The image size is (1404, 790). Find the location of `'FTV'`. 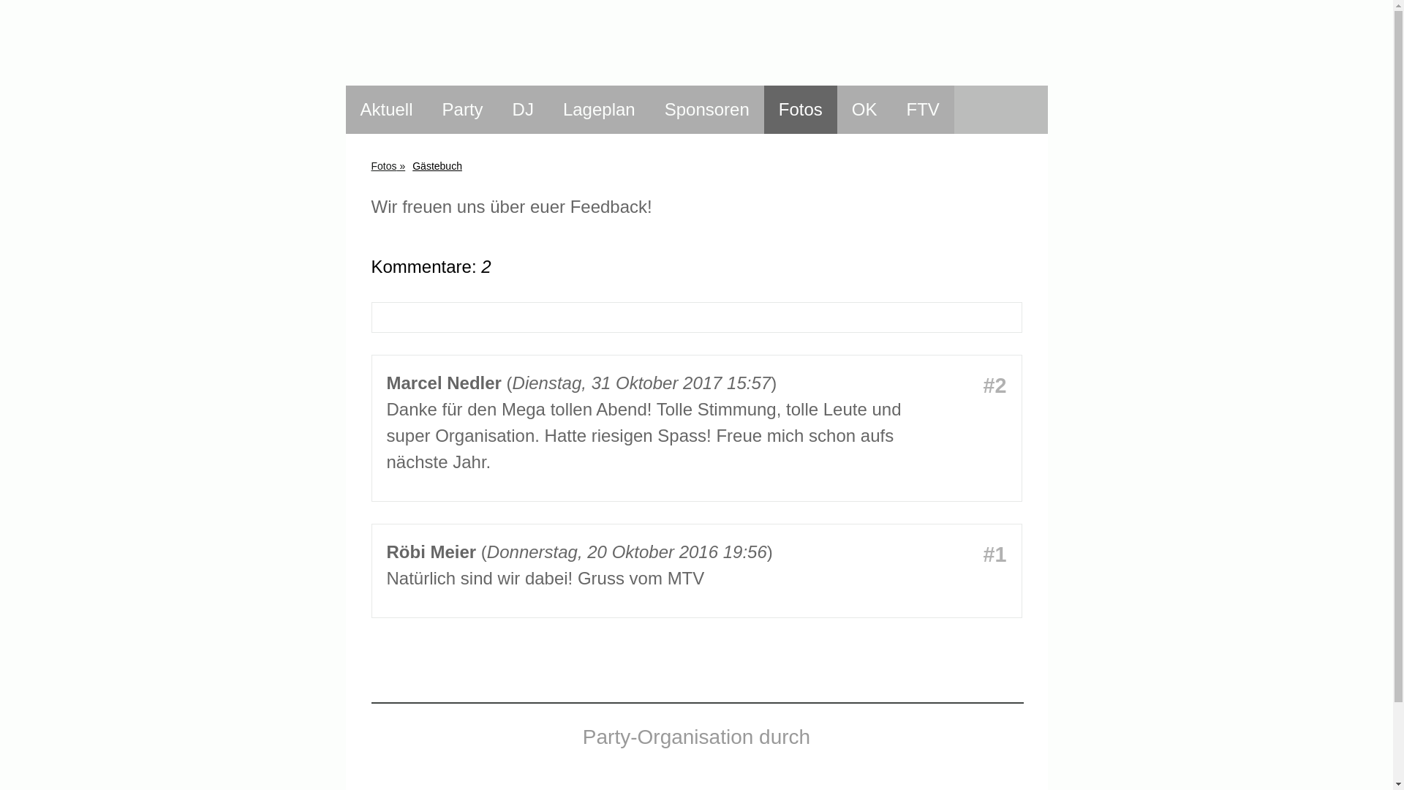

'FTV' is located at coordinates (921, 109).